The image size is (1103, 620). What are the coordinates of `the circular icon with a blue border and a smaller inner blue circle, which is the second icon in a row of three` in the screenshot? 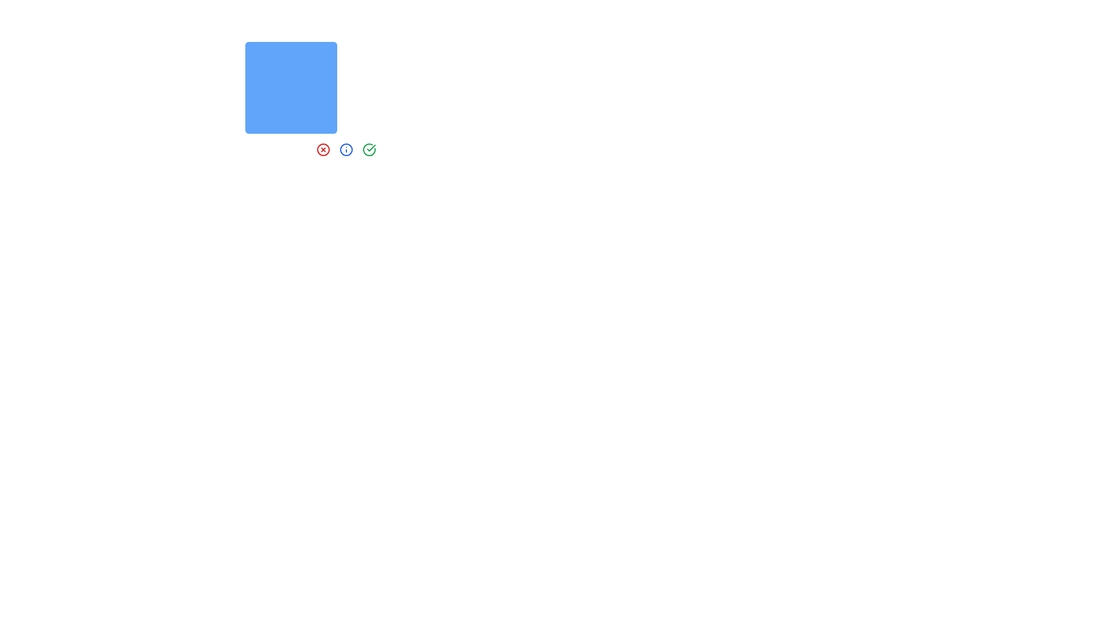 It's located at (346, 149).